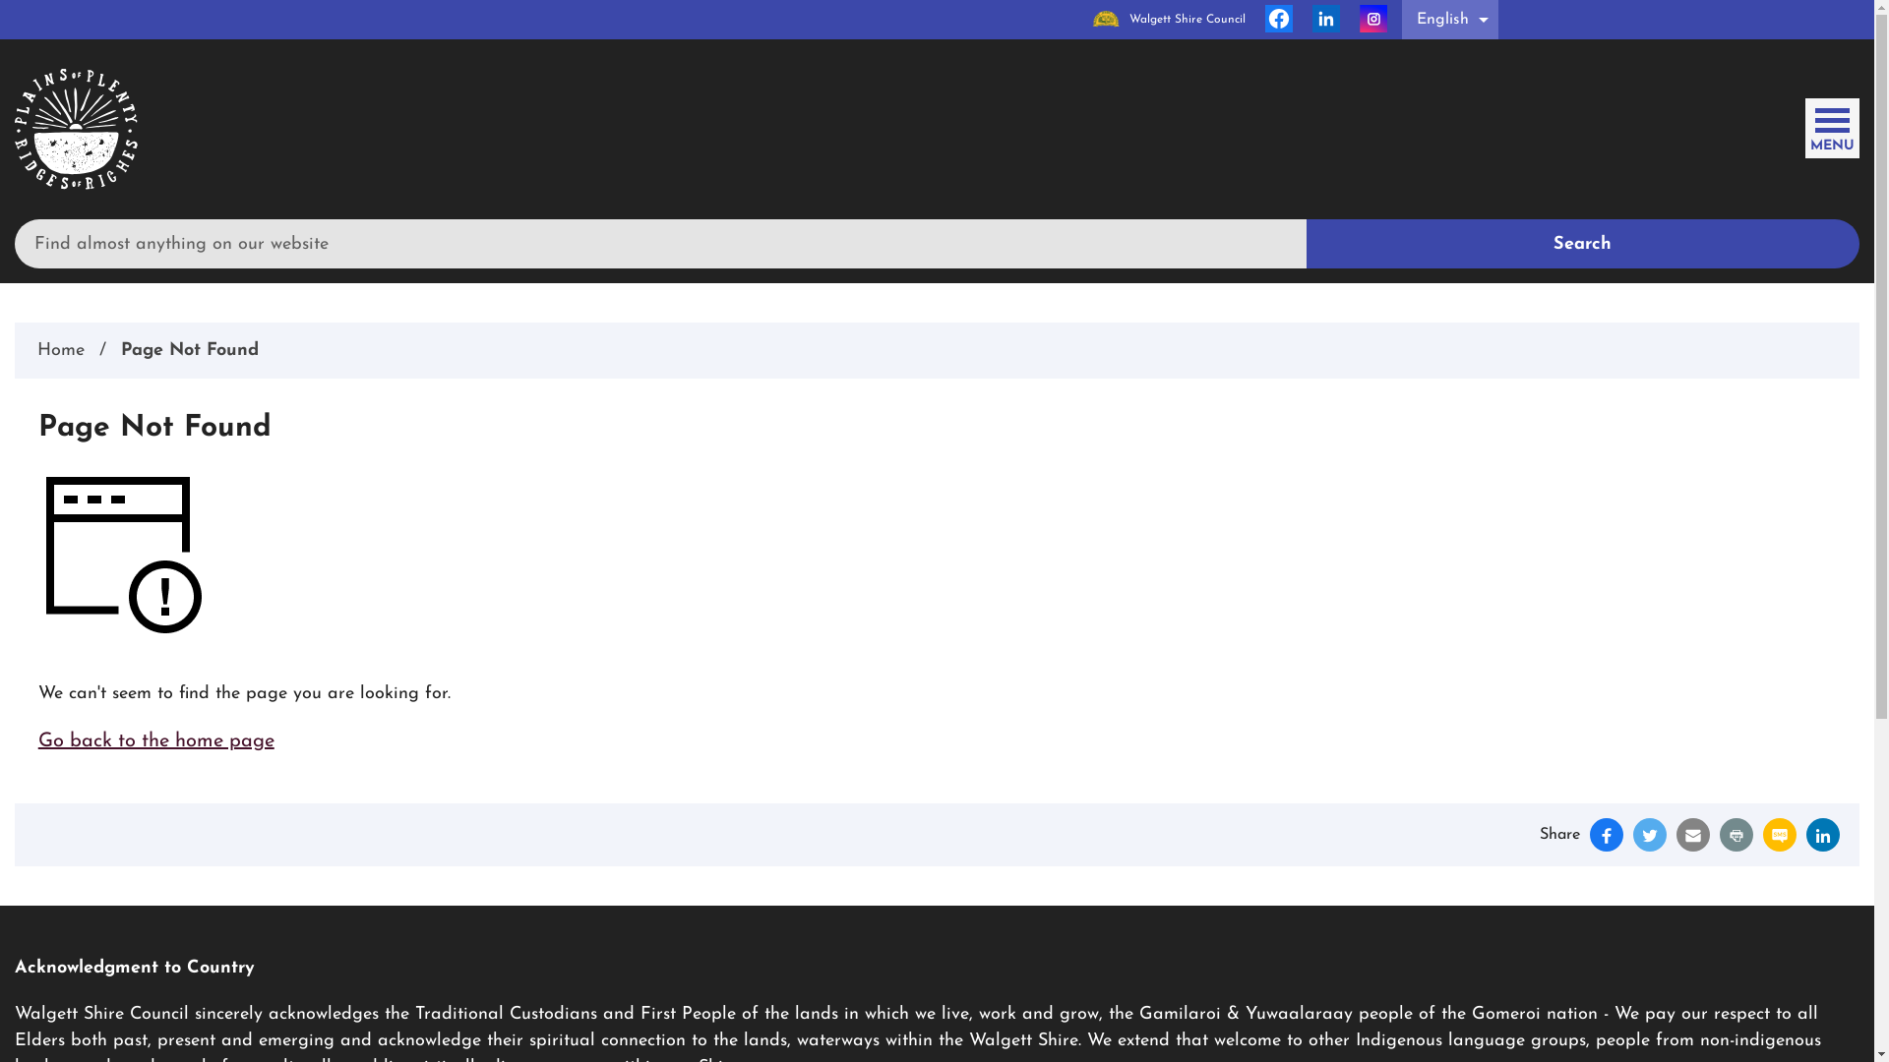 This screenshot has height=1062, width=1889. I want to click on 'Email', so click(1676, 834).